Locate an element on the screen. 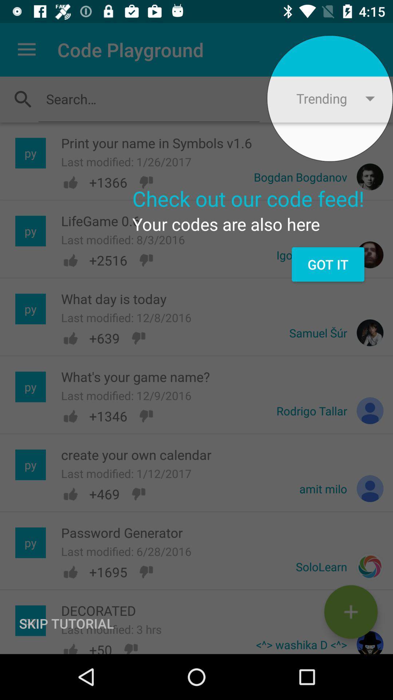 The height and width of the screenshot is (700, 393). text in the search field is located at coordinates (148, 98).